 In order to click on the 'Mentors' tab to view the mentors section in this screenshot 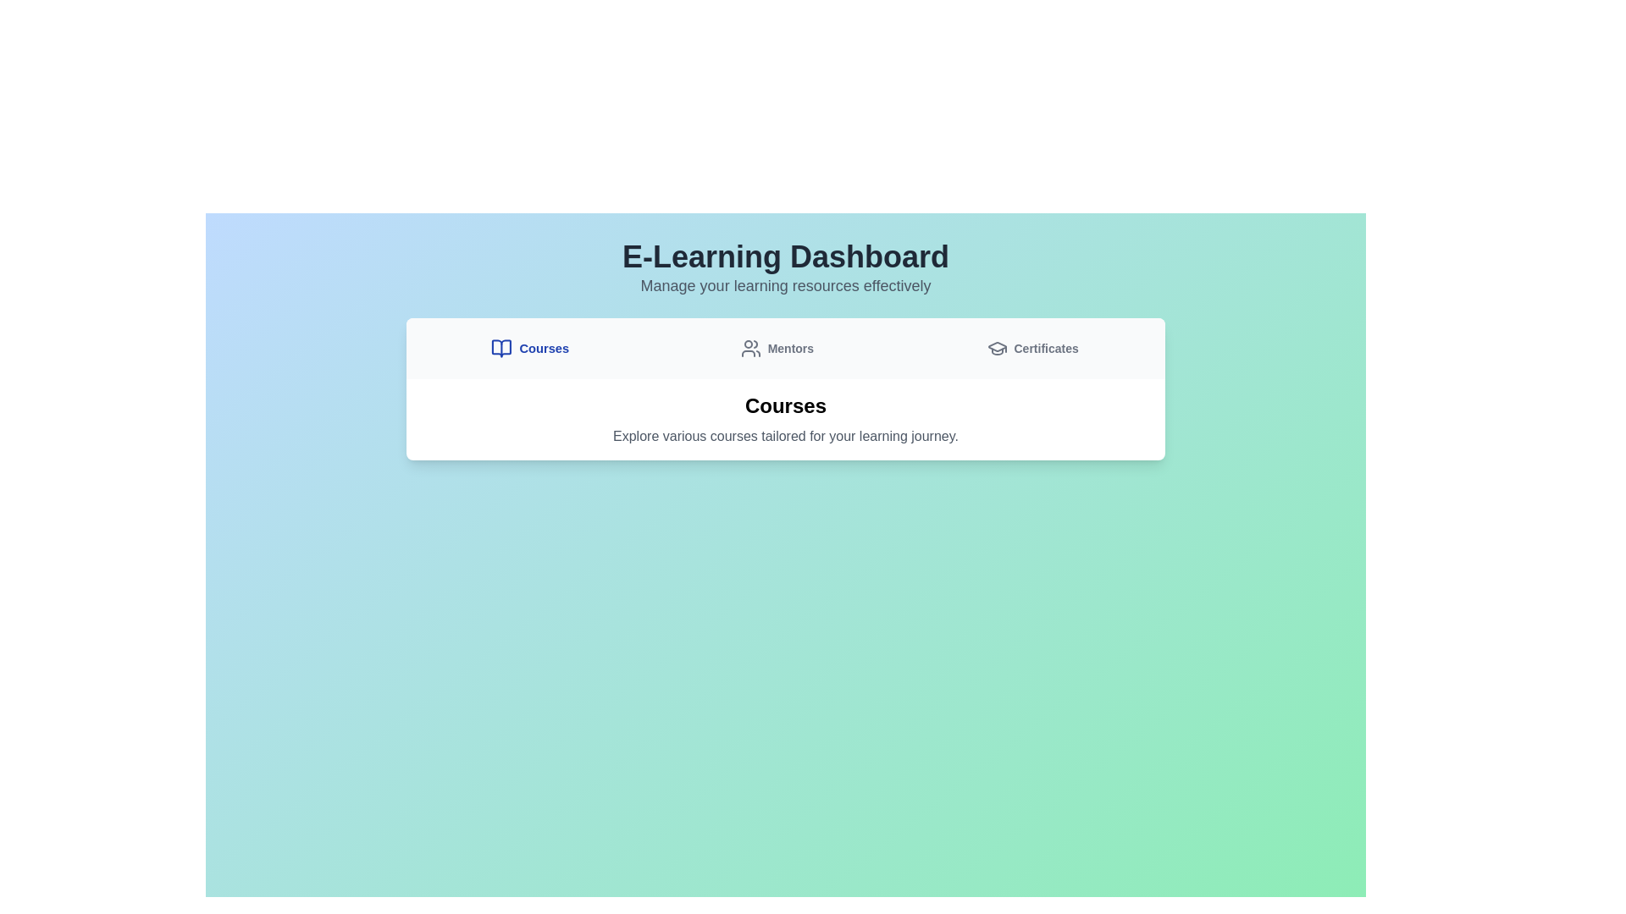, I will do `click(776, 348)`.